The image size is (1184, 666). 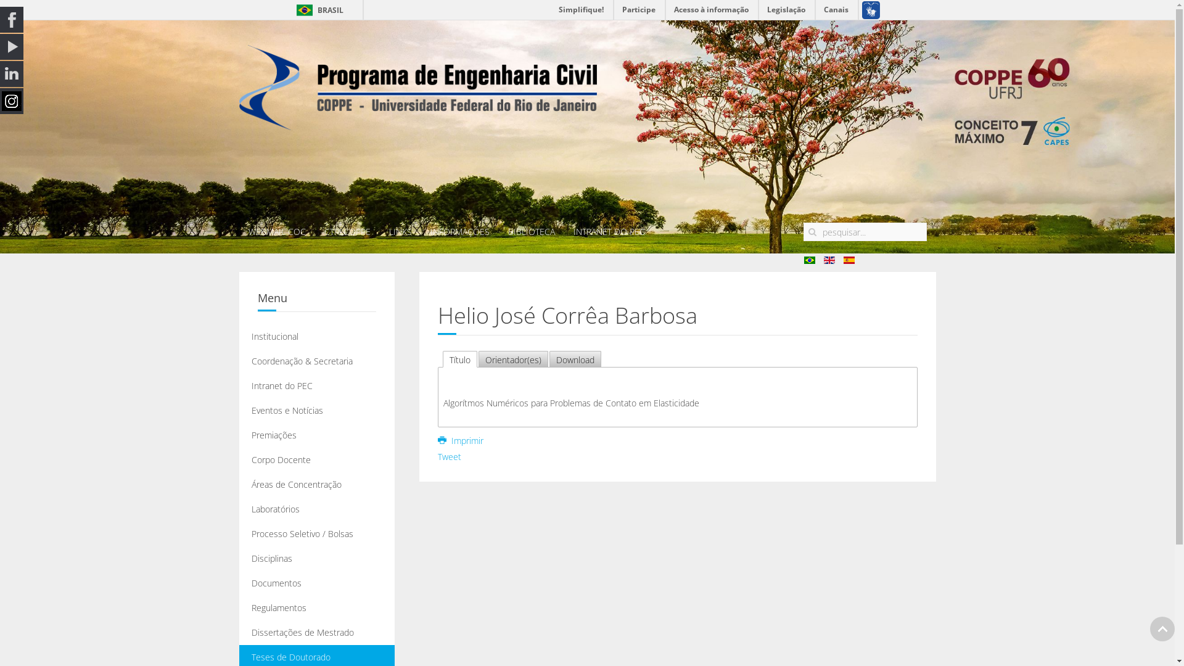 What do you see at coordinates (276, 231) in the screenshot?
I see `'WEBMAIL COC'` at bounding box center [276, 231].